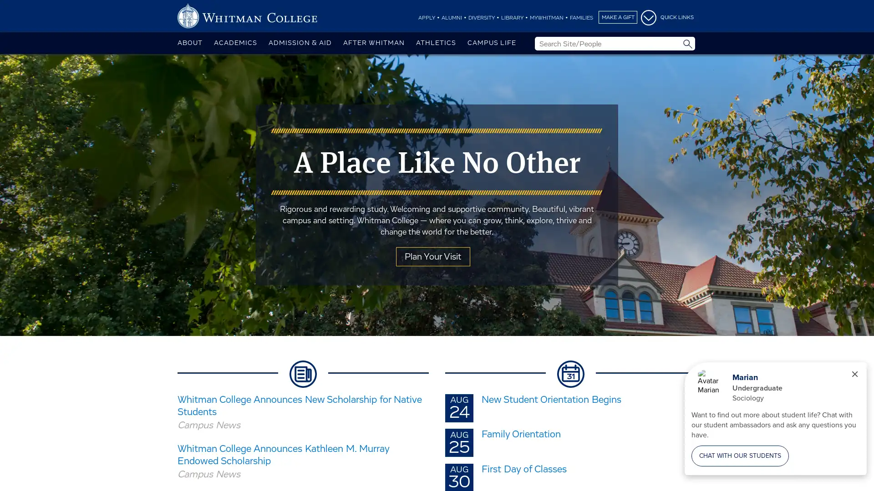 This screenshot has width=874, height=491. Describe the element at coordinates (692, 43) in the screenshot. I see `Site` at that location.